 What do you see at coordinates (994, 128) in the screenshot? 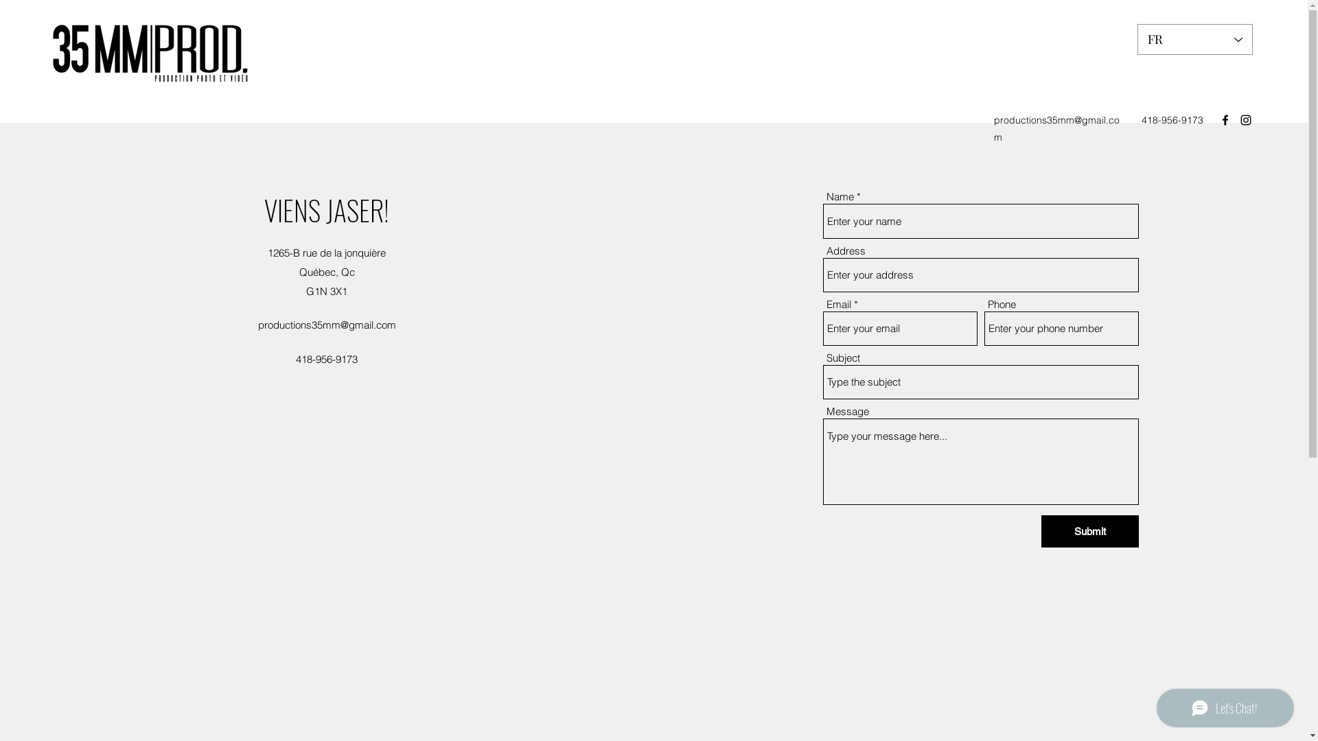
I see `'productions35mm@gmail.com'` at bounding box center [994, 128].